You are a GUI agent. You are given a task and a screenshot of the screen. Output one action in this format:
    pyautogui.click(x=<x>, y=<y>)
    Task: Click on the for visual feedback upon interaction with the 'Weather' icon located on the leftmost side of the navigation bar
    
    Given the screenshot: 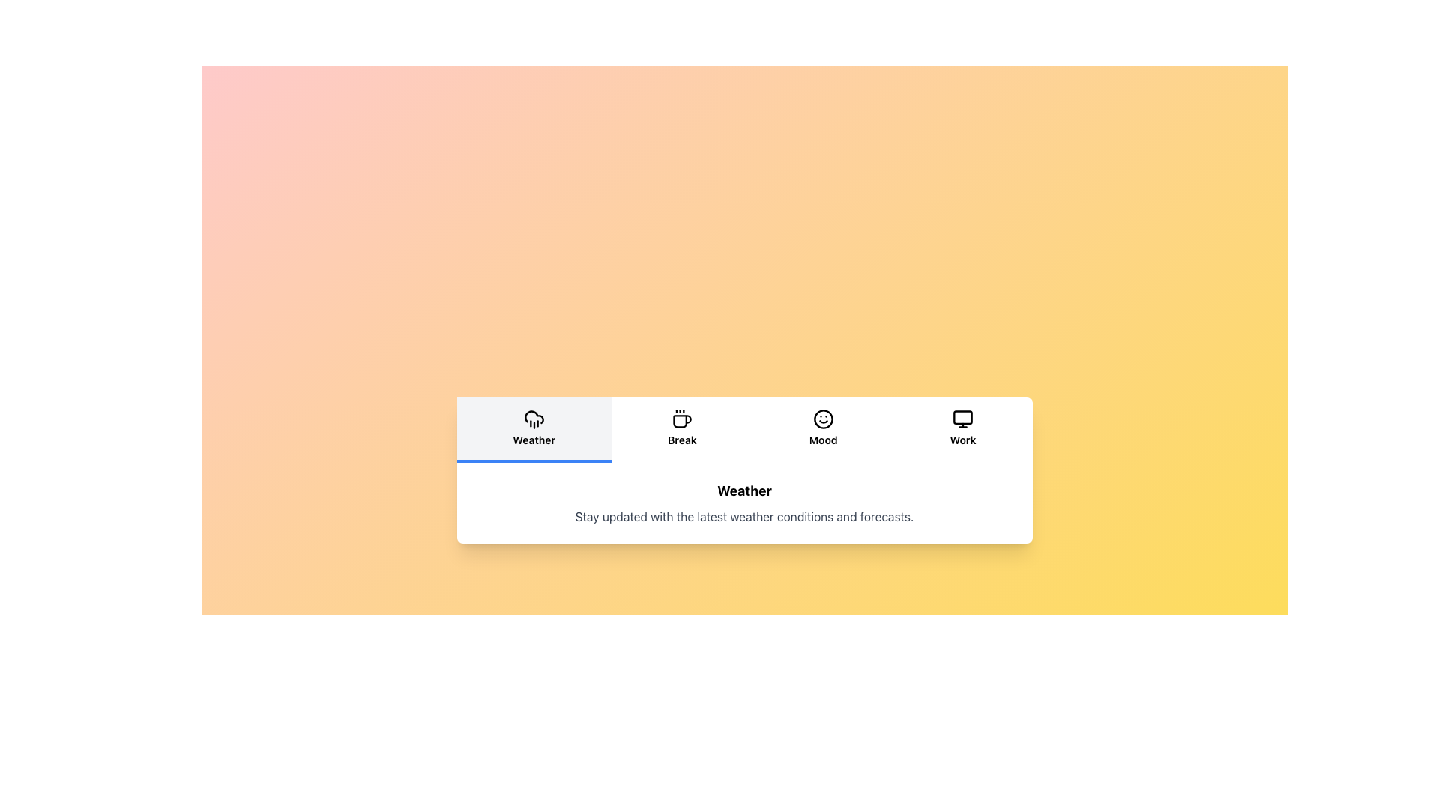 What is the action you would take?
    pyautogui.click(x=534, y=417)
    